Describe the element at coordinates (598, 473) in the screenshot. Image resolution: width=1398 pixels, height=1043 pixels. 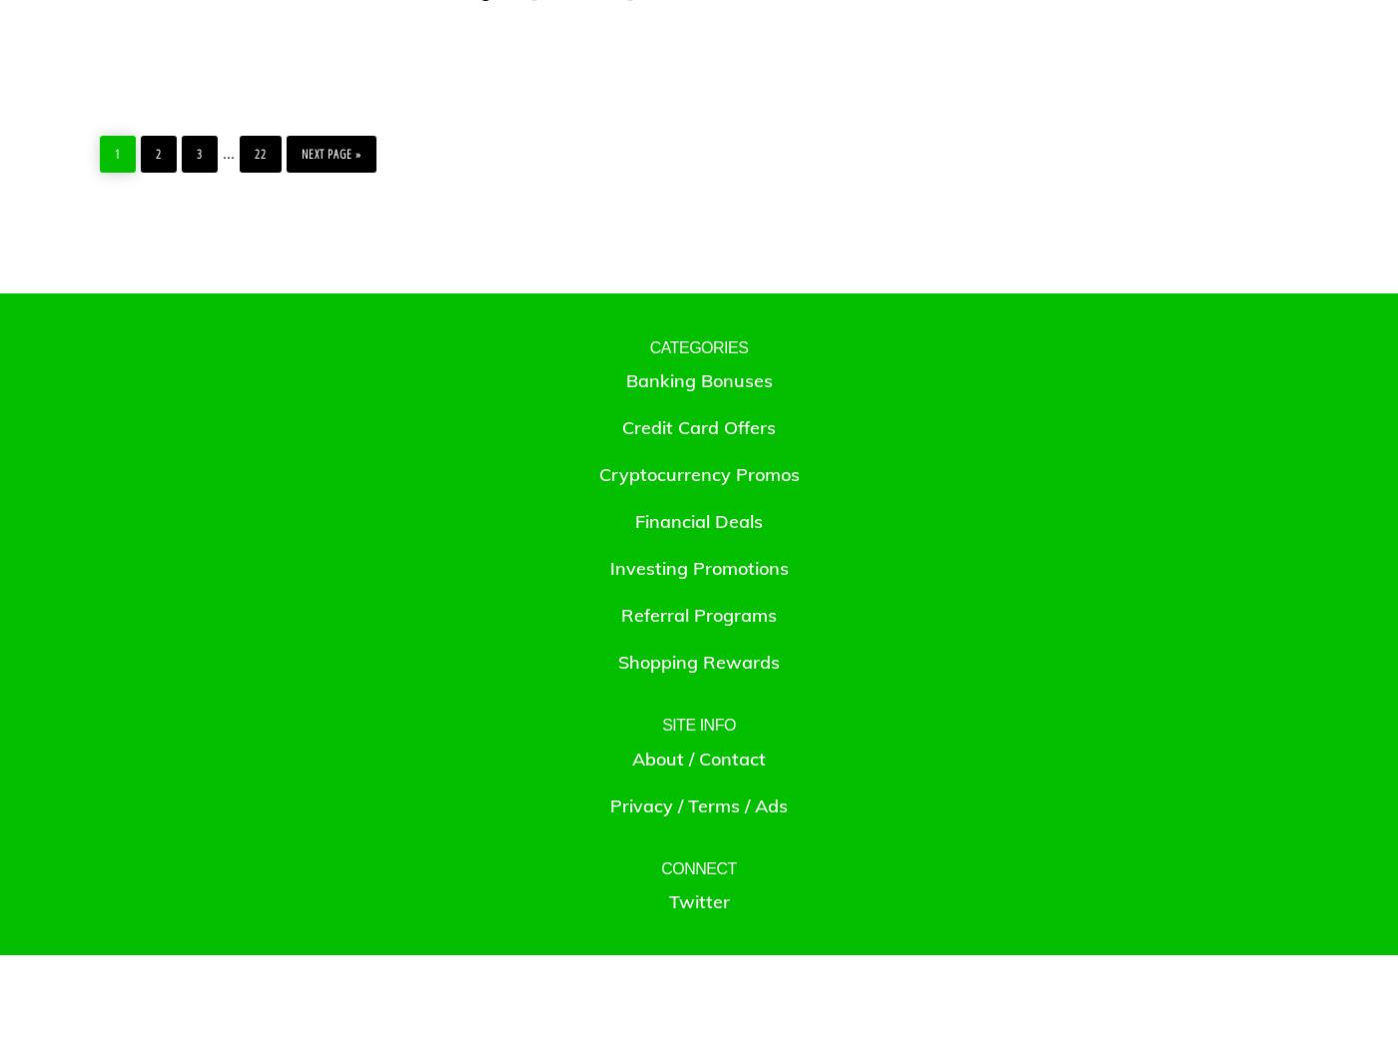
I see `'Cryptocurrency Promos'` at that location.